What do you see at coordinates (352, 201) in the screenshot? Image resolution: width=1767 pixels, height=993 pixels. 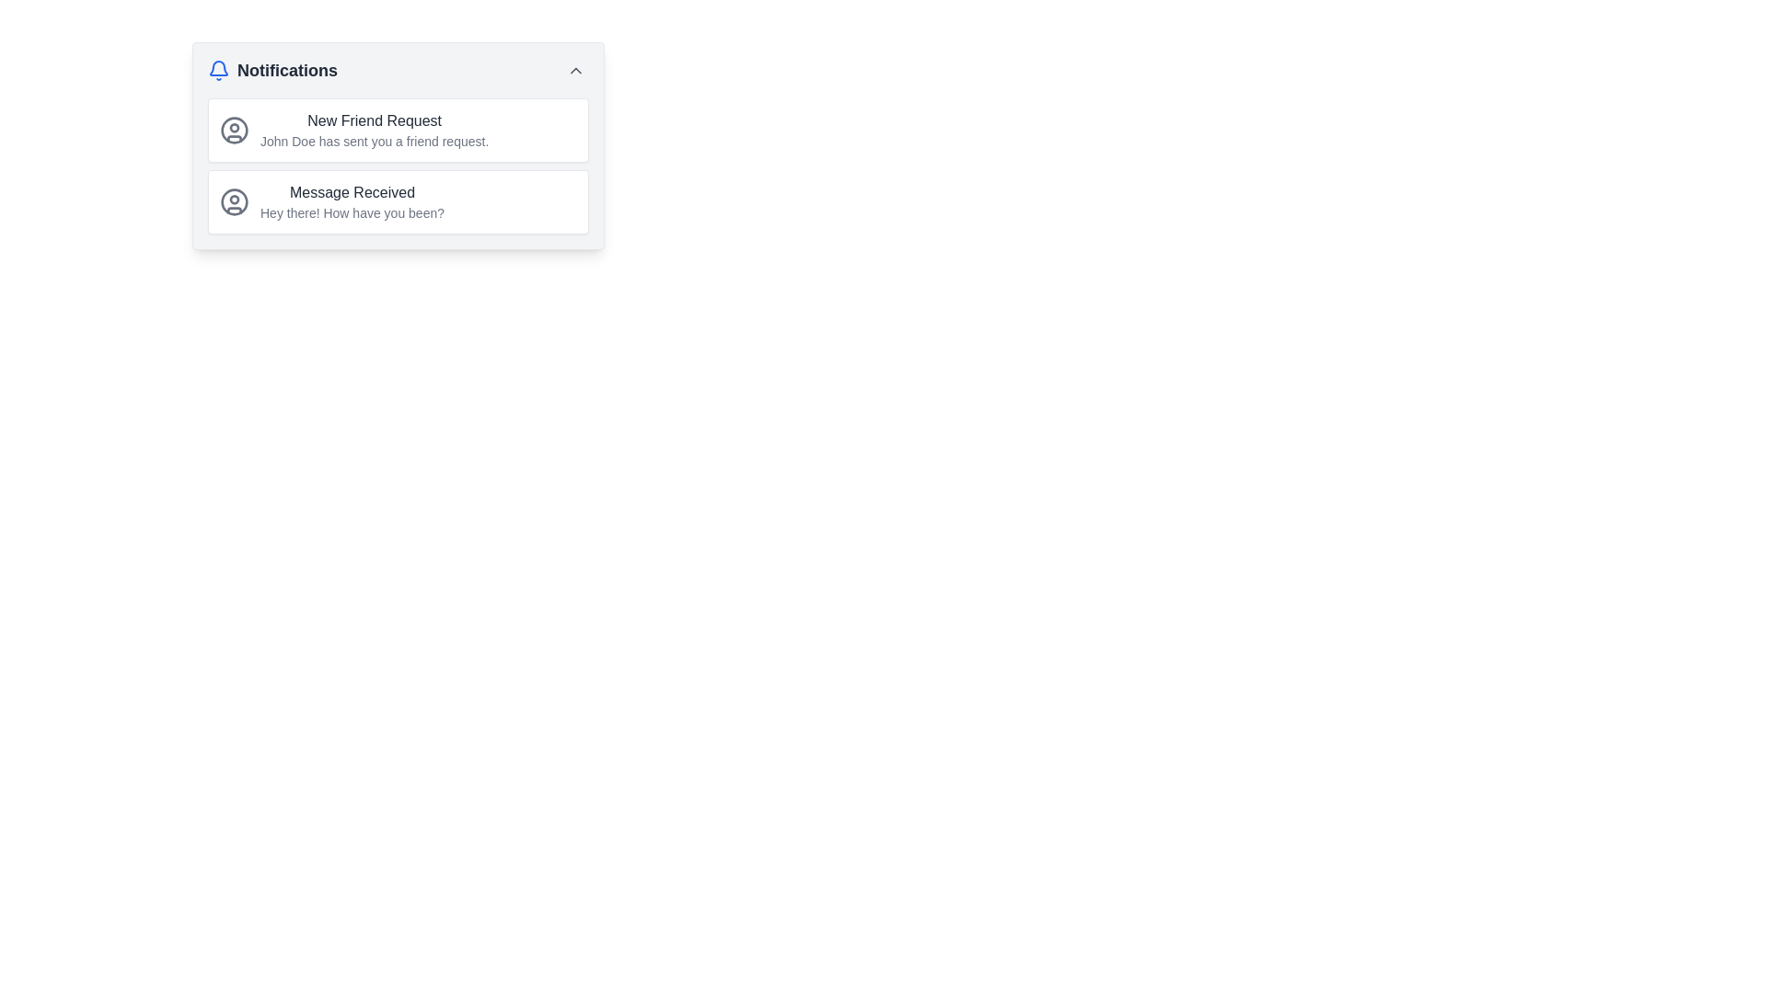 I see `the 'Message Received' text block` at bounding box center [352, 201].